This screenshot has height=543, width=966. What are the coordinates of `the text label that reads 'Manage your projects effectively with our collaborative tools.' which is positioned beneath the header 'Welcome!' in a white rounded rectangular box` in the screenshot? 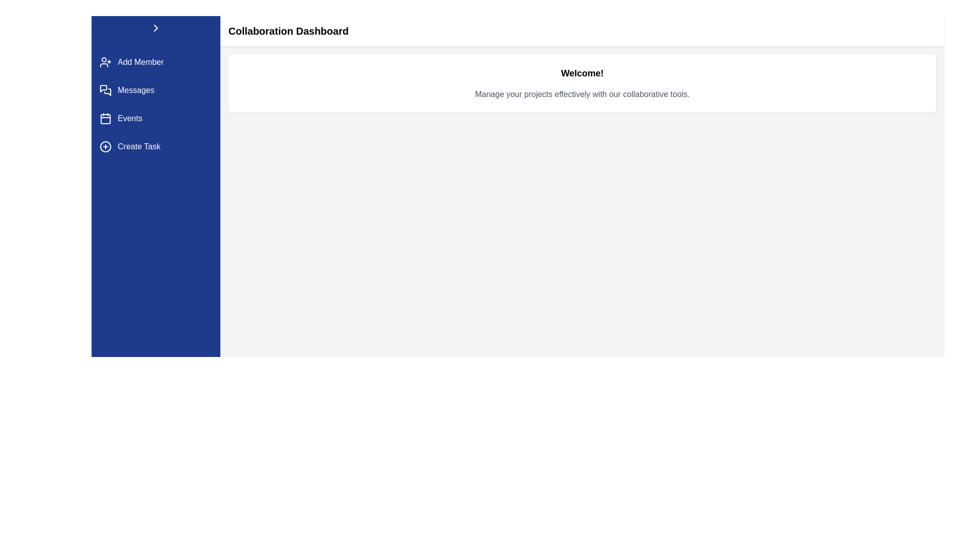 It's located at (582, 95).